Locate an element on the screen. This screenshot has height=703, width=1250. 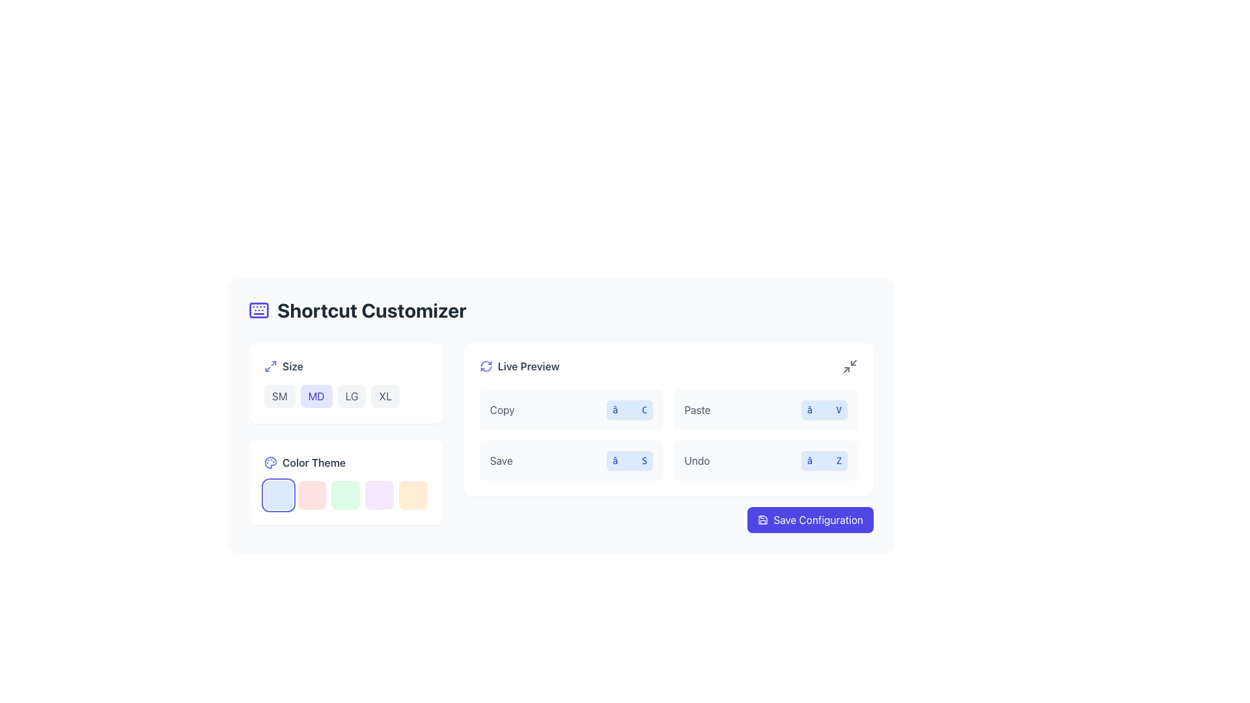
the 'Save' static text label displayed in muted gray color, located in the 'Live Preview' section beneath the 'Copy' and 'Paste' options is located at coordinates (501, 460).